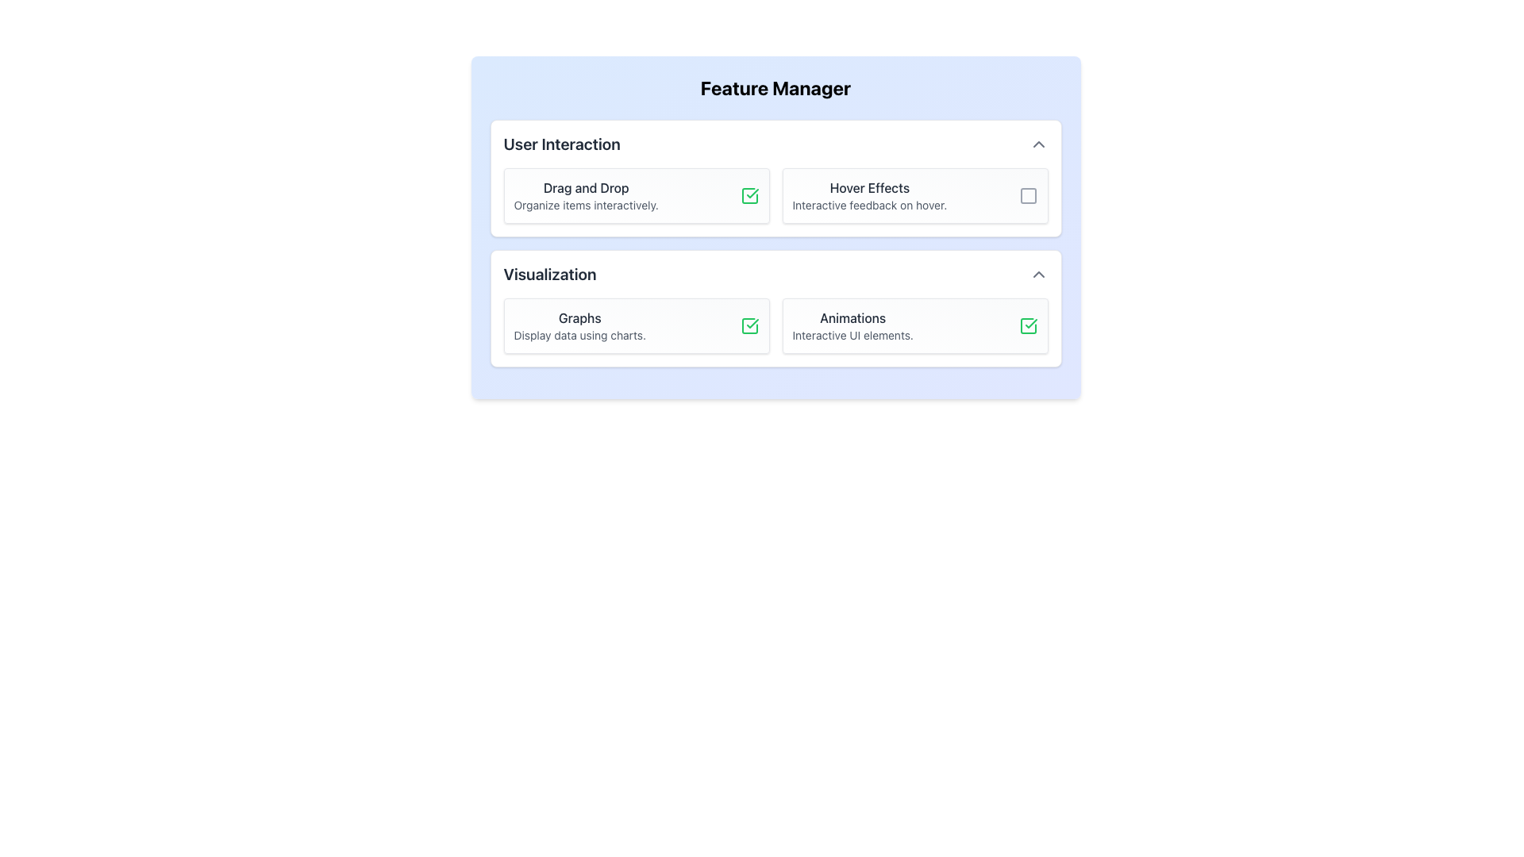 The width and height of the screenshot is (1524, 857). What do you see at coordinates (852, 335) in the screenshot?
I see `the descriptive text element providing additional information about the 'Animations' feature, which is located directly below the 'Animations' label in the 'Visualization' section of the 'Feature Manager' interface` at bounding box center [852, 335].